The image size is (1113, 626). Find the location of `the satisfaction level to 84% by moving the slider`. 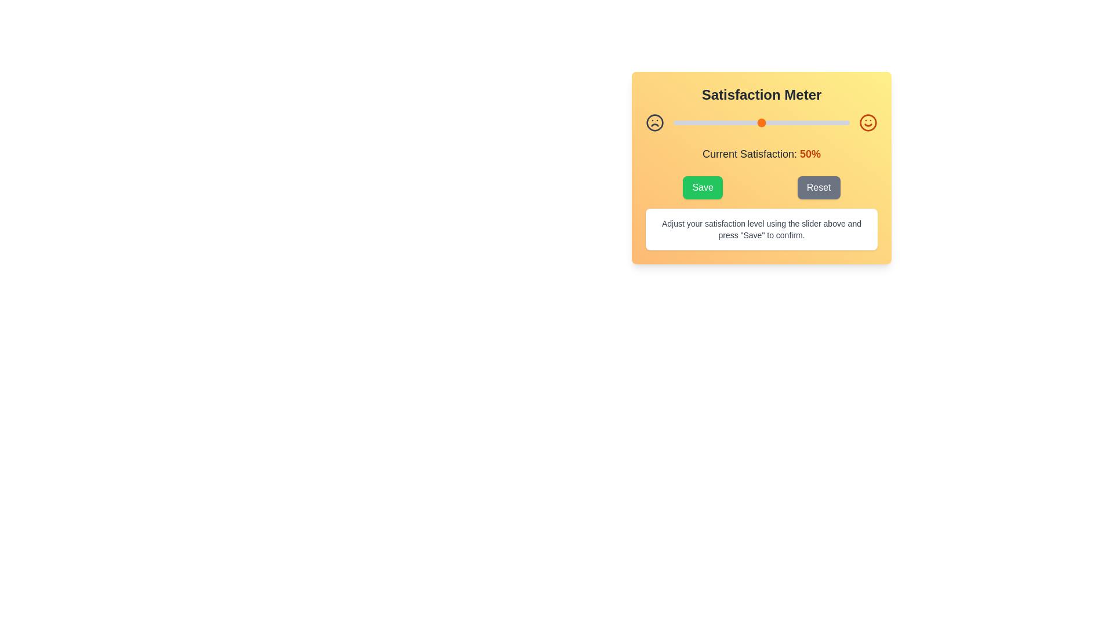

the satisfaction level to 84% by moving the slider is located at coordinates (821, 123).